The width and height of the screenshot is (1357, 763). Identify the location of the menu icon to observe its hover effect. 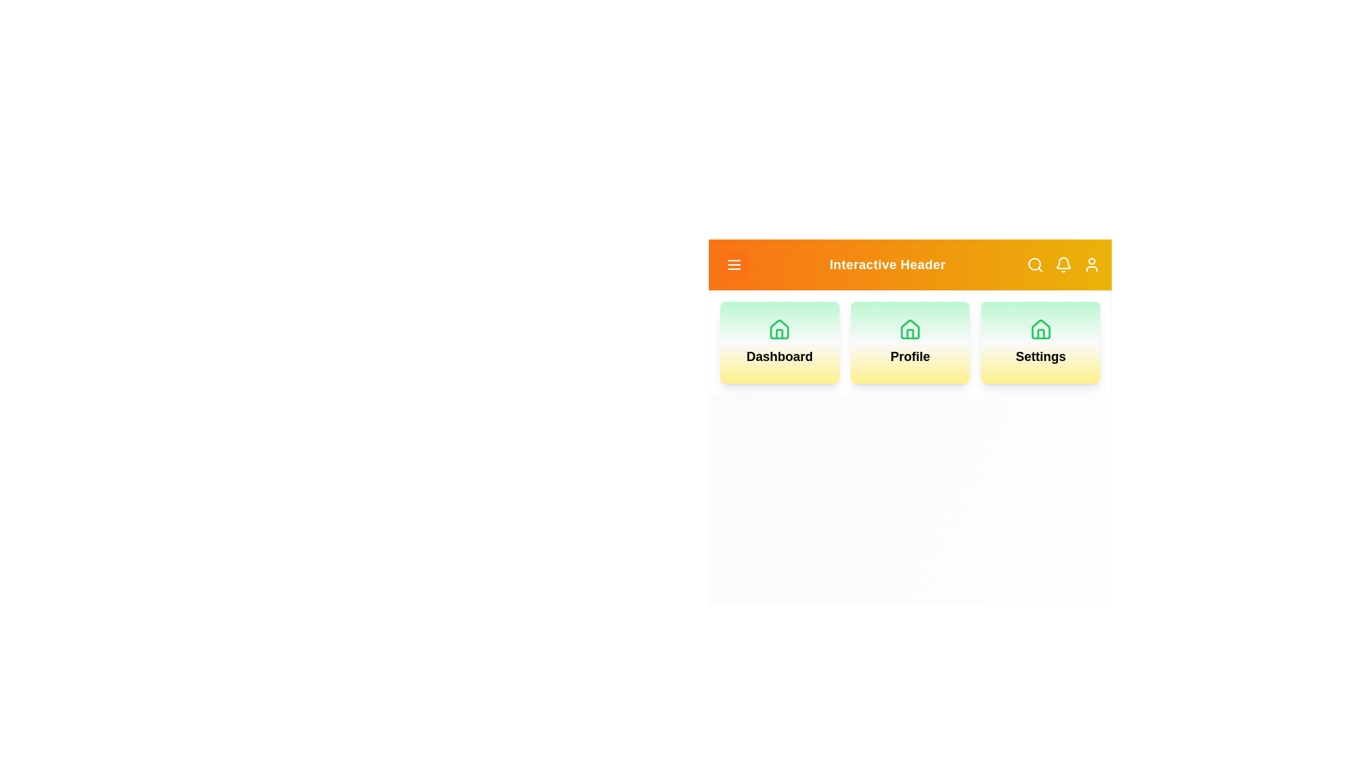
(734, 264).